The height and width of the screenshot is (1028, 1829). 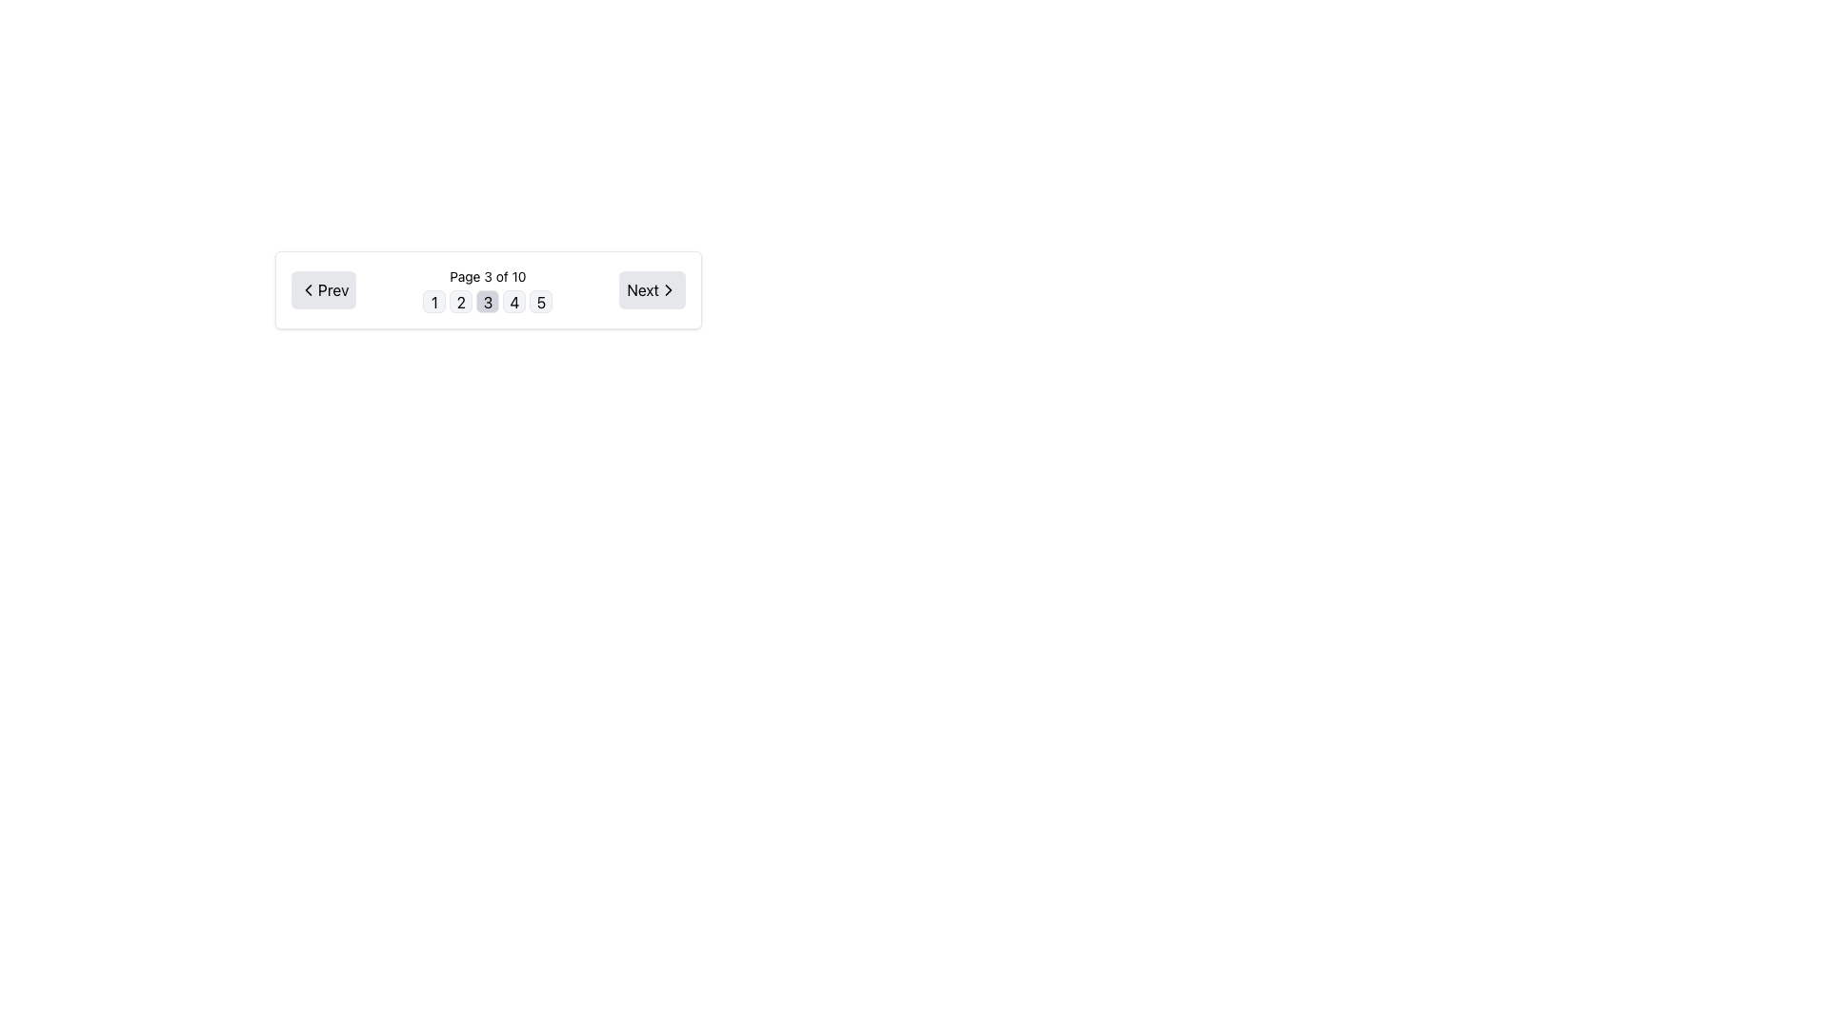 What do you see at coordinates (309, 289) in the screenshot?
I see `the left-directional chevron arrow icon inside the 'Prev' button, which is part of the pagination control` at bounding box center [309, 289].